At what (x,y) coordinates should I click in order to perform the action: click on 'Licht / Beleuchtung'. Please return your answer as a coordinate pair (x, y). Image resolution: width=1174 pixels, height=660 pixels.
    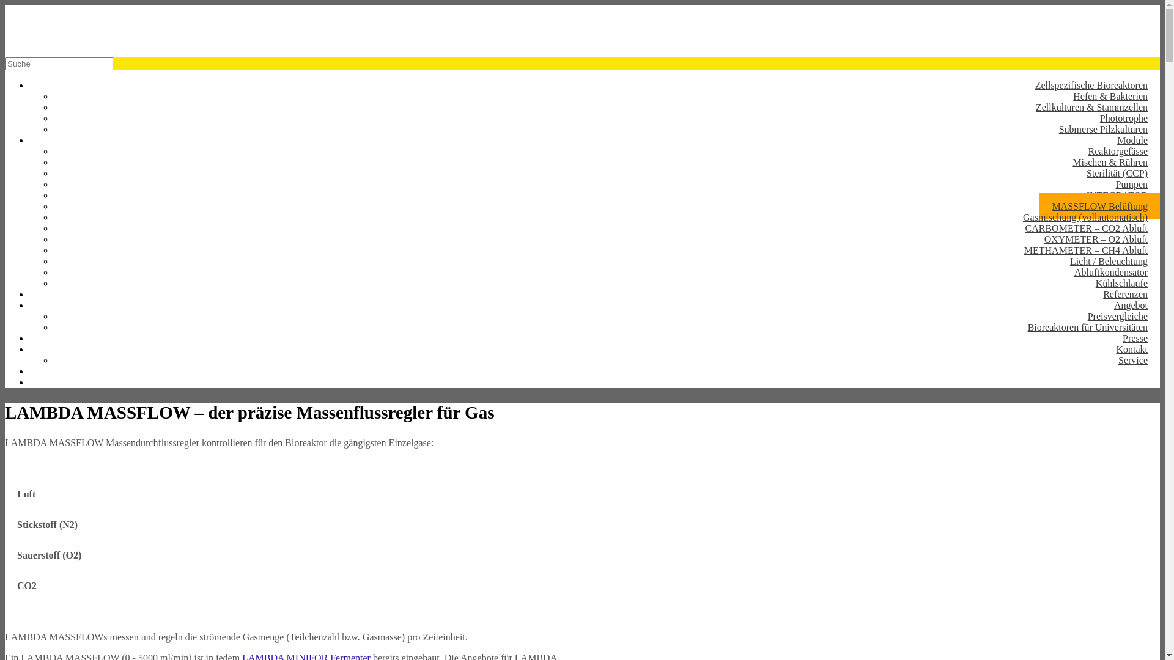
    Looking at the image, I should click on (1109, 260).